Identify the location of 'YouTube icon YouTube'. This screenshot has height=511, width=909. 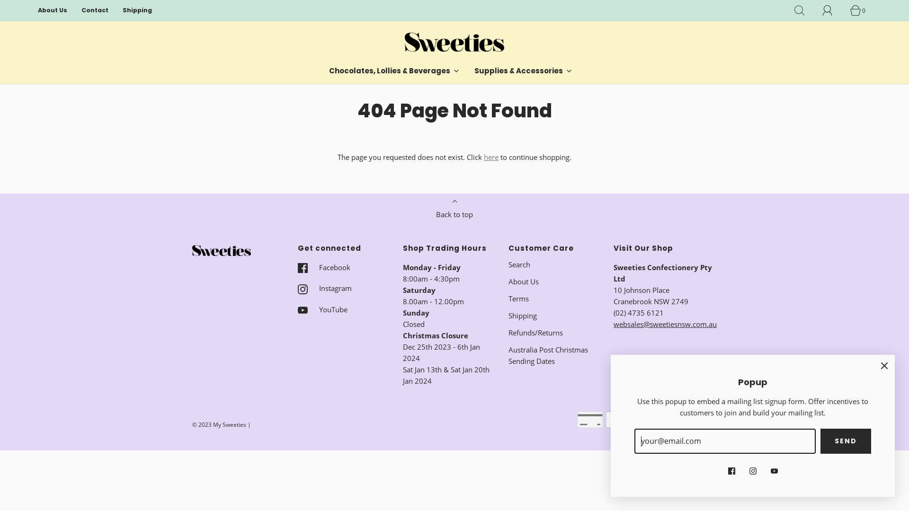
(322, 309).